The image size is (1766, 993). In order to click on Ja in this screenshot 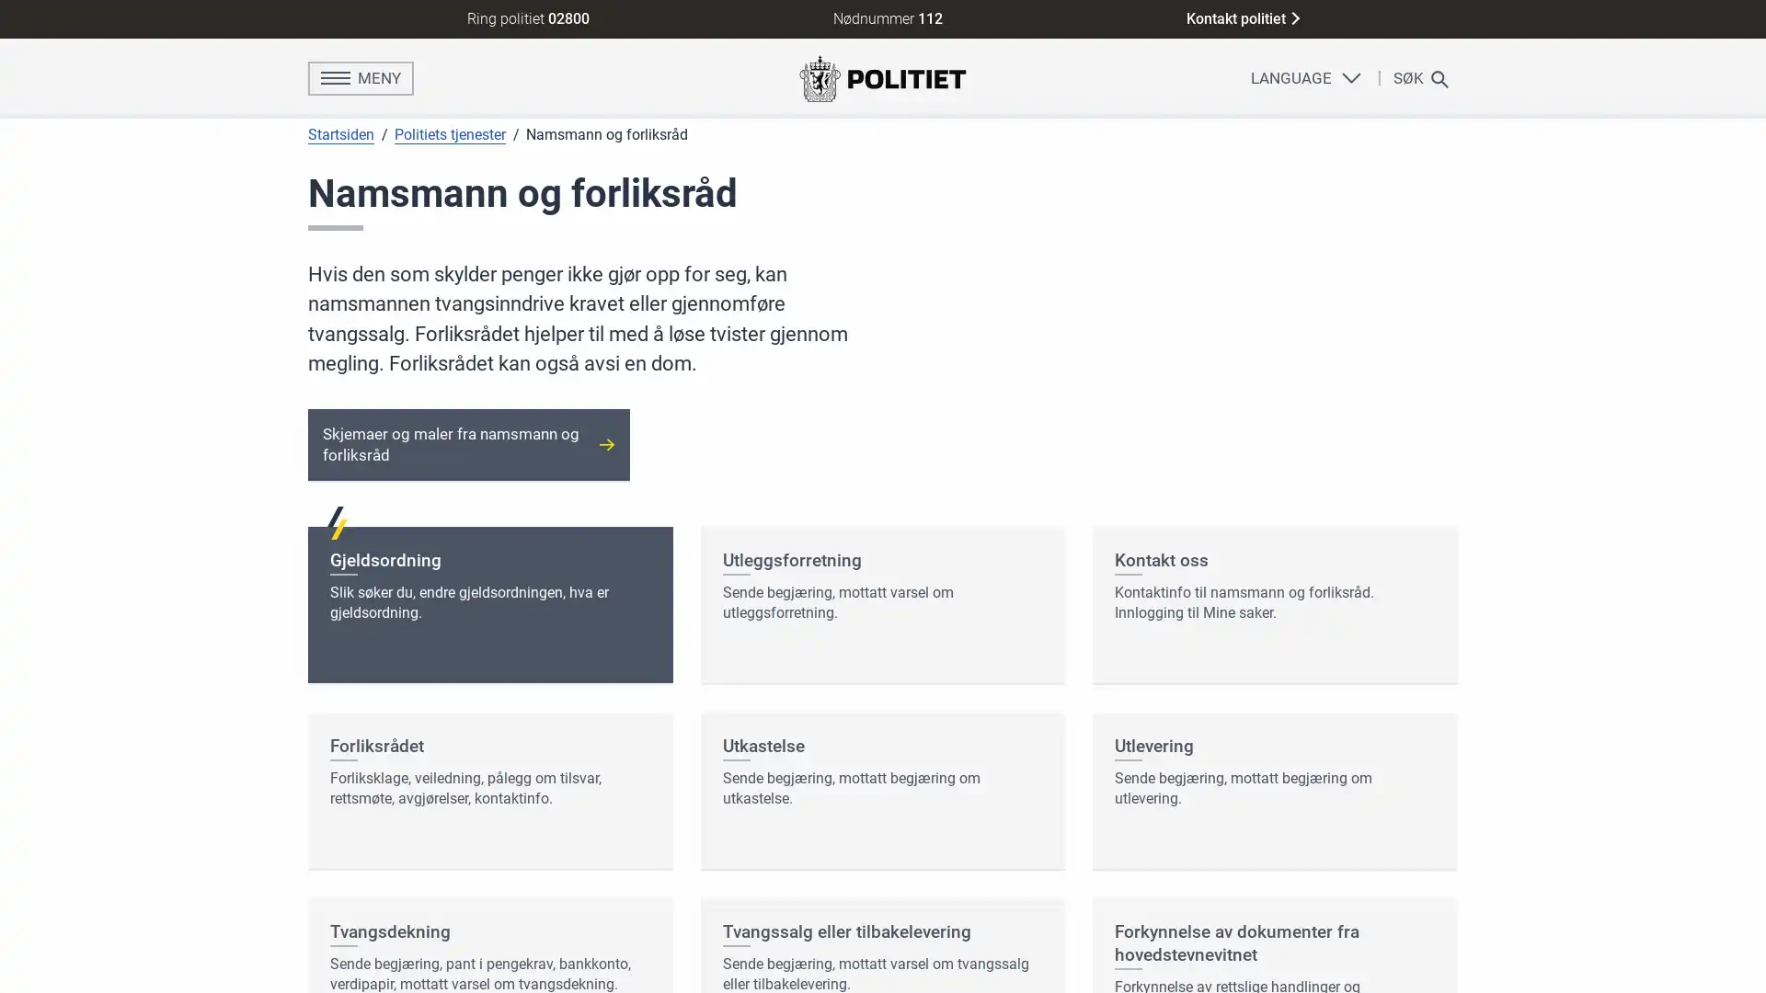, I will do `click(72, 925)`.